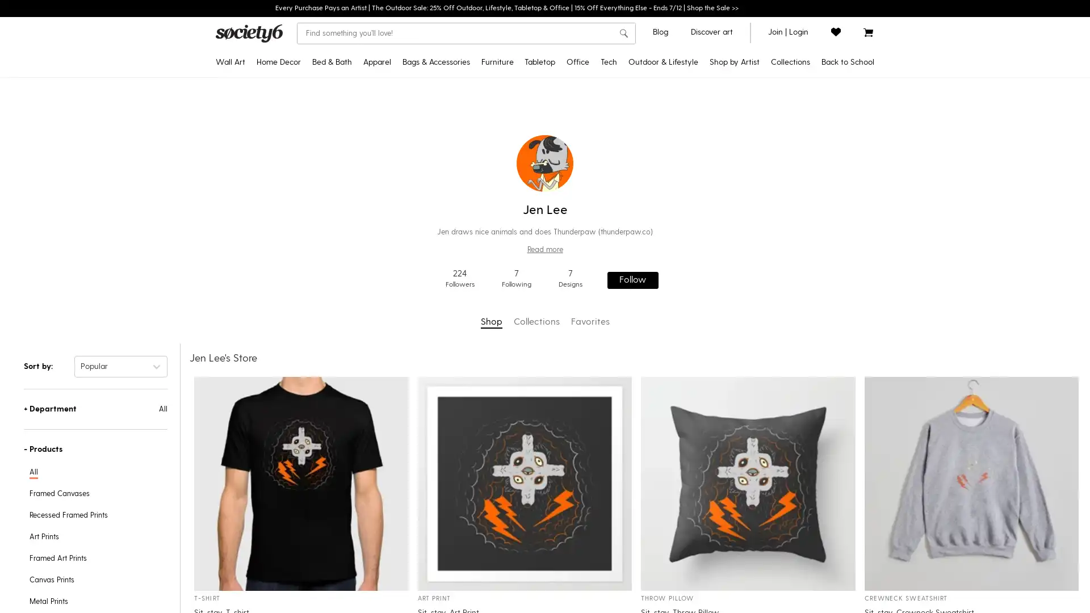 Image resolution: width=1090 pixels, height=613 pixels. I want to click on Art Prints, so click(267, 91).